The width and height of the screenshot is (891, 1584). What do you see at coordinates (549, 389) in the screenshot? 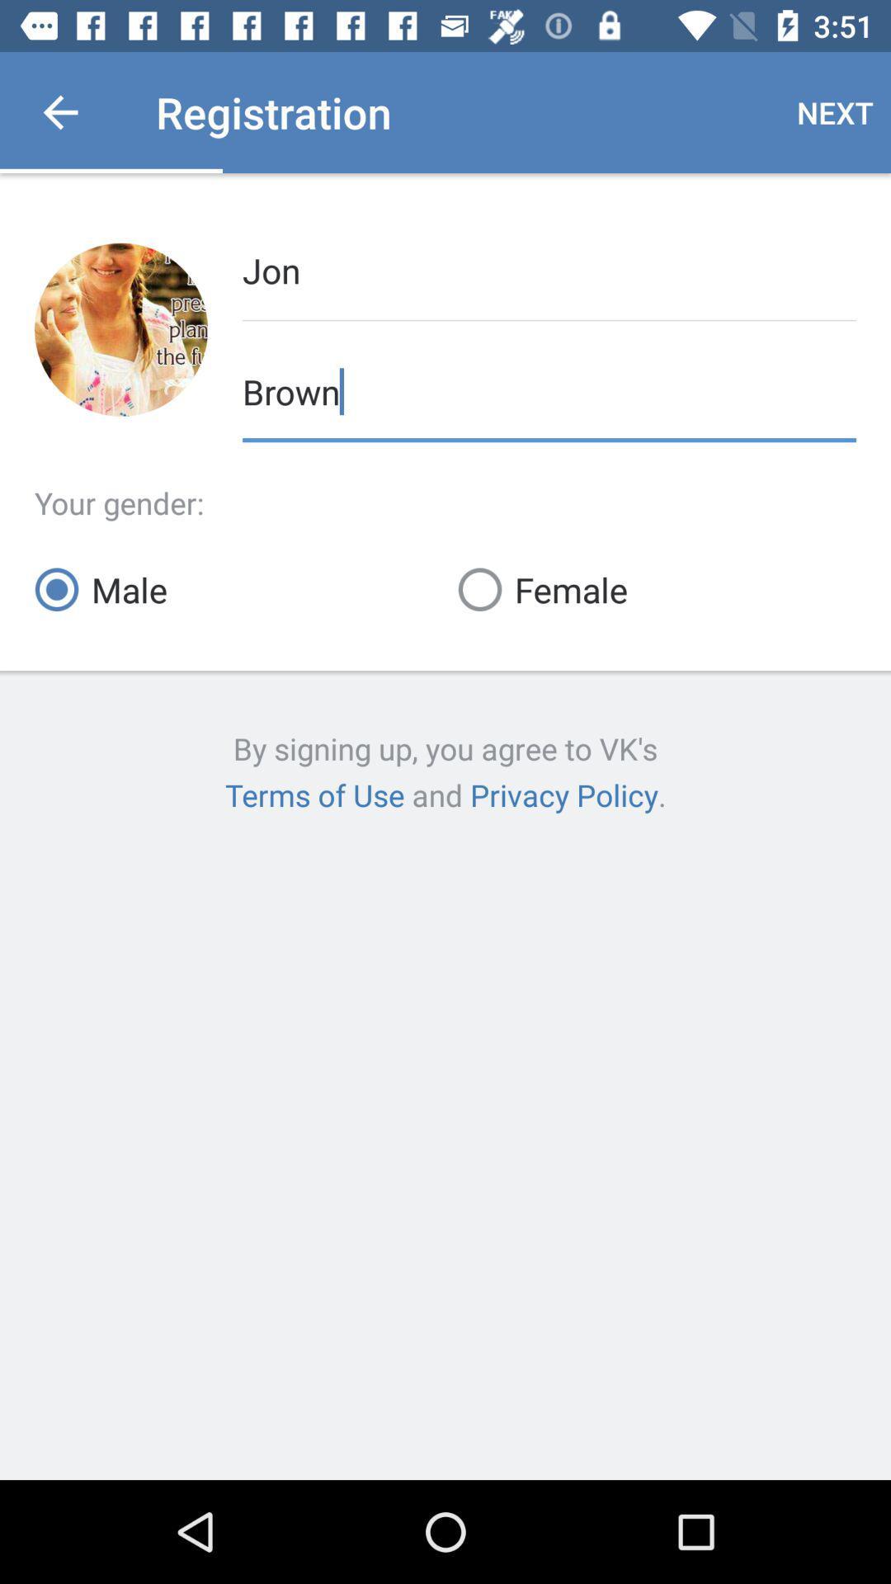
I see `brown` at bounding box center [549, 389].